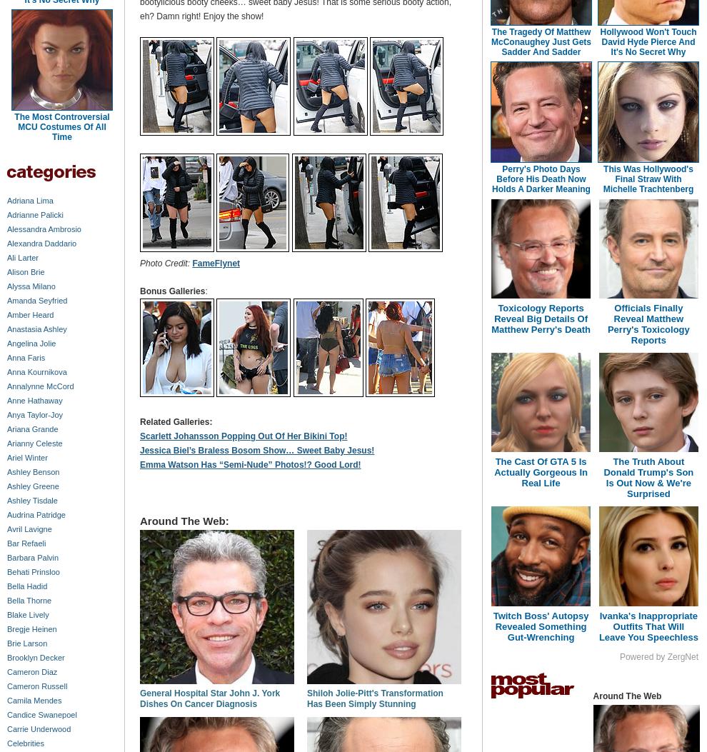  Describe the element at coordinates (6, 586) in the screenshot. I see `'Bella Hadid'` at that location.